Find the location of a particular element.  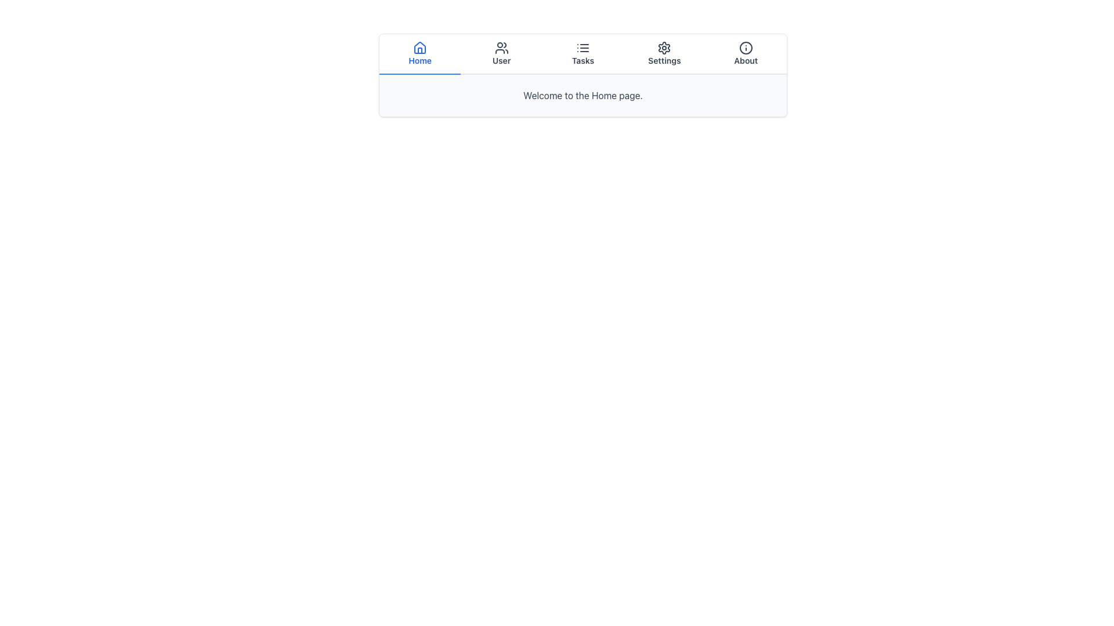

the decorative icon for the 'Tasks' navigation tab, which is centrally aligned above the label 'Tasks' and is the second option from the left in the navigation bar is located at coordinates (583, 48).